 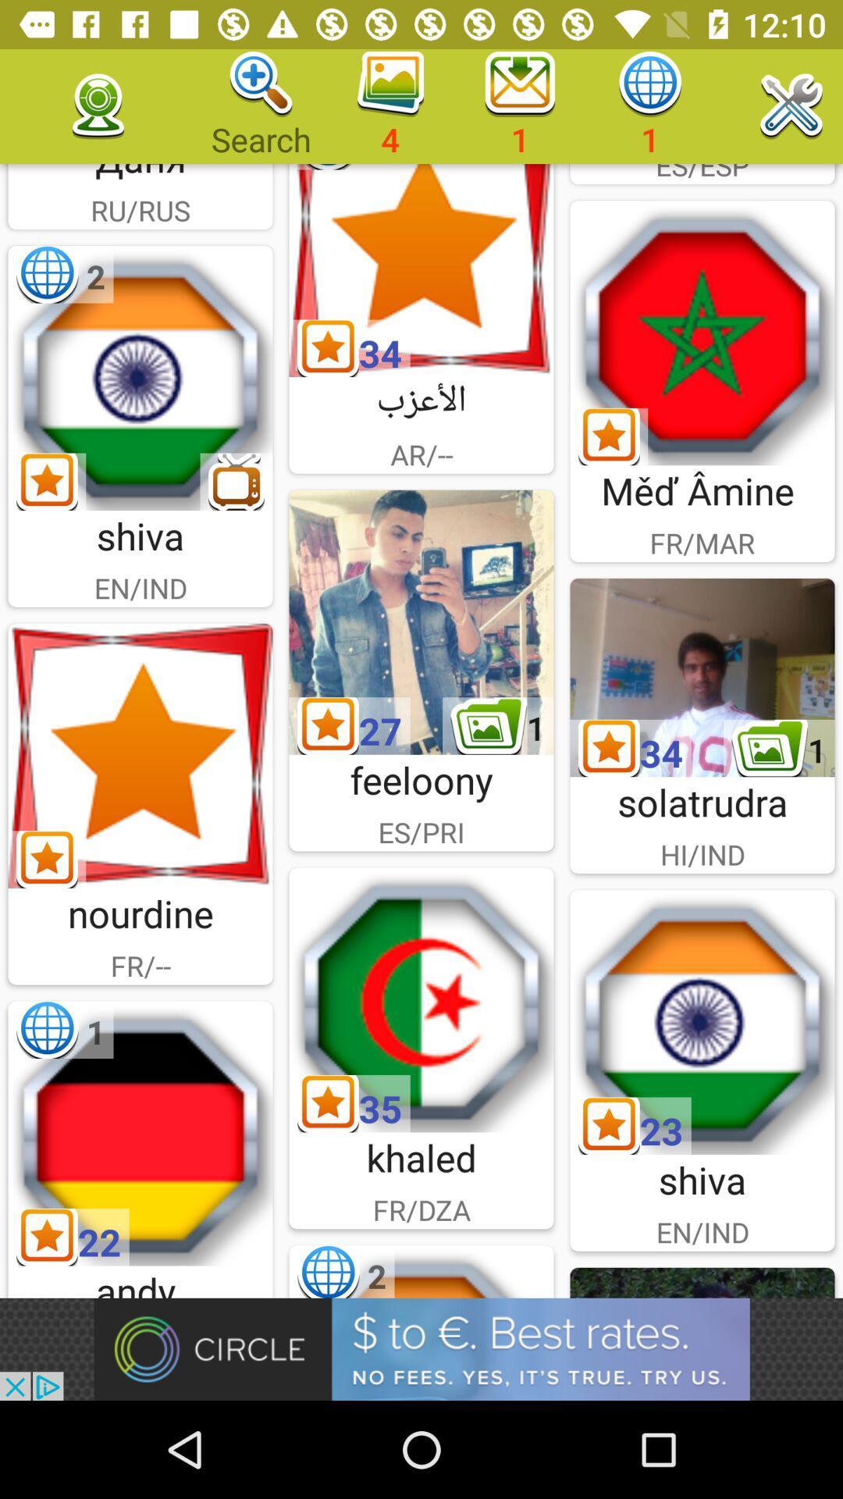 What do you see at coordinates (140, 378) in the screenshot?
I see `indian flag` at bounding box center [140, 378].